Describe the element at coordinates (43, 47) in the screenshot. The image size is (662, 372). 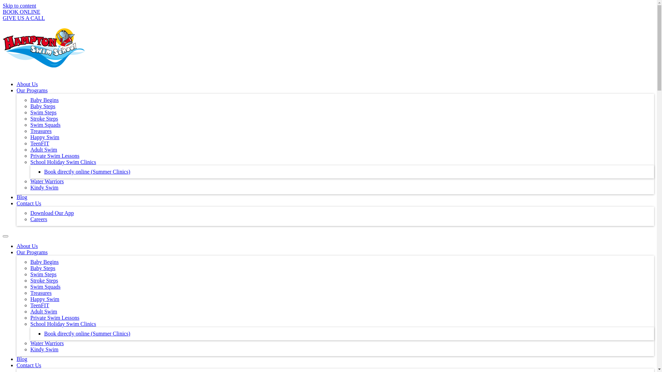
I see `'Hampton-Logo'` at that location.